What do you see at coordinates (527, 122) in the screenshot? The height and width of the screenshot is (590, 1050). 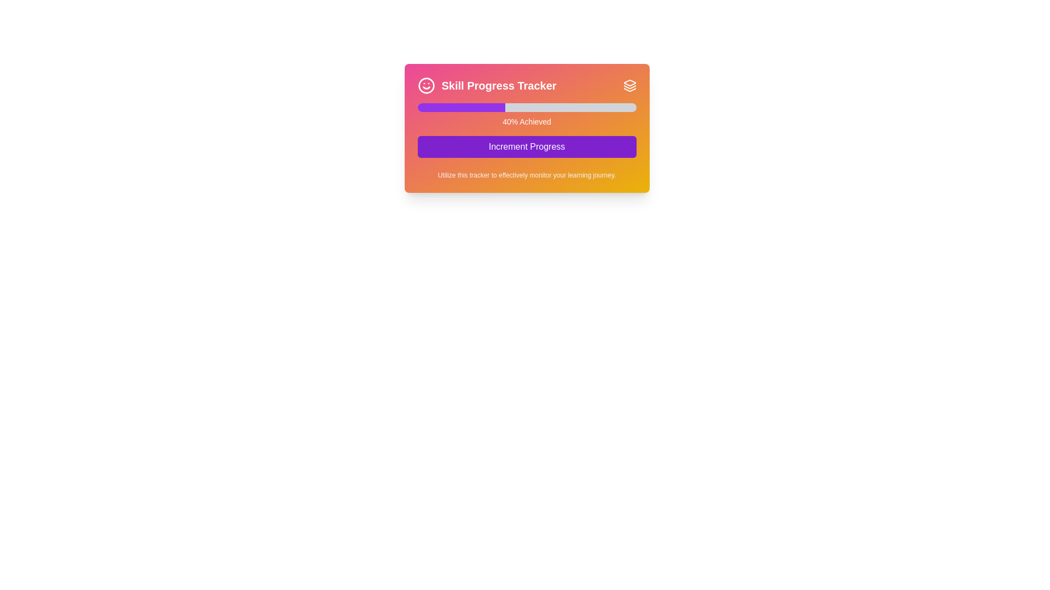 I see `the skill progress percentage label, which indicates the current completion percentage and is positioned beneath the progress bar and above the 'Increment Progress' button` at bounding box center [527, 122].